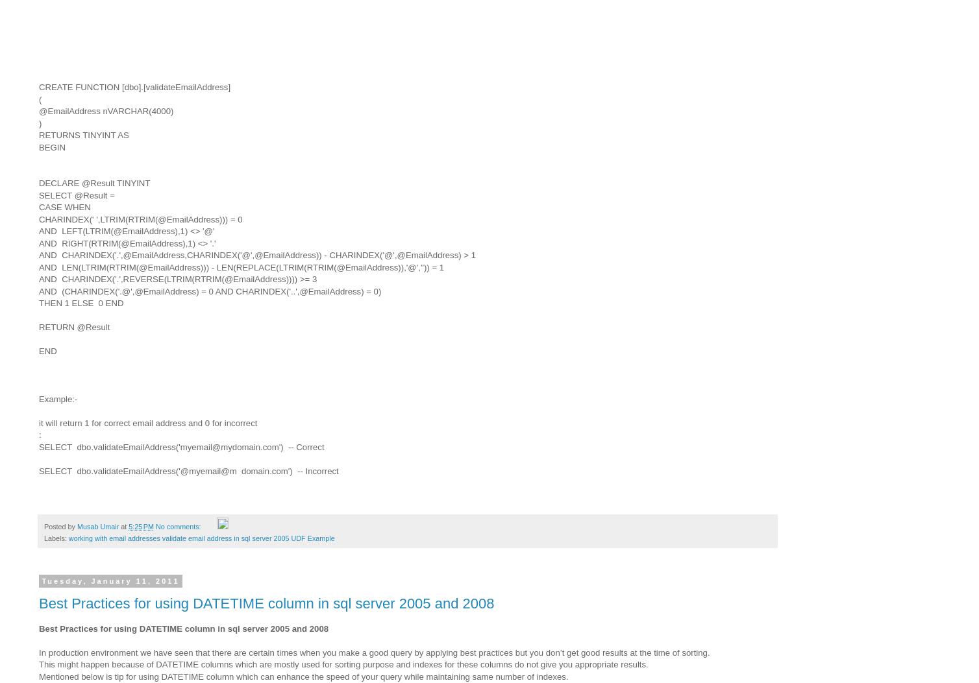 The image size is (979, 683). I want to click on 'THEN 1 ELSE  0 END', so click(81, 302).